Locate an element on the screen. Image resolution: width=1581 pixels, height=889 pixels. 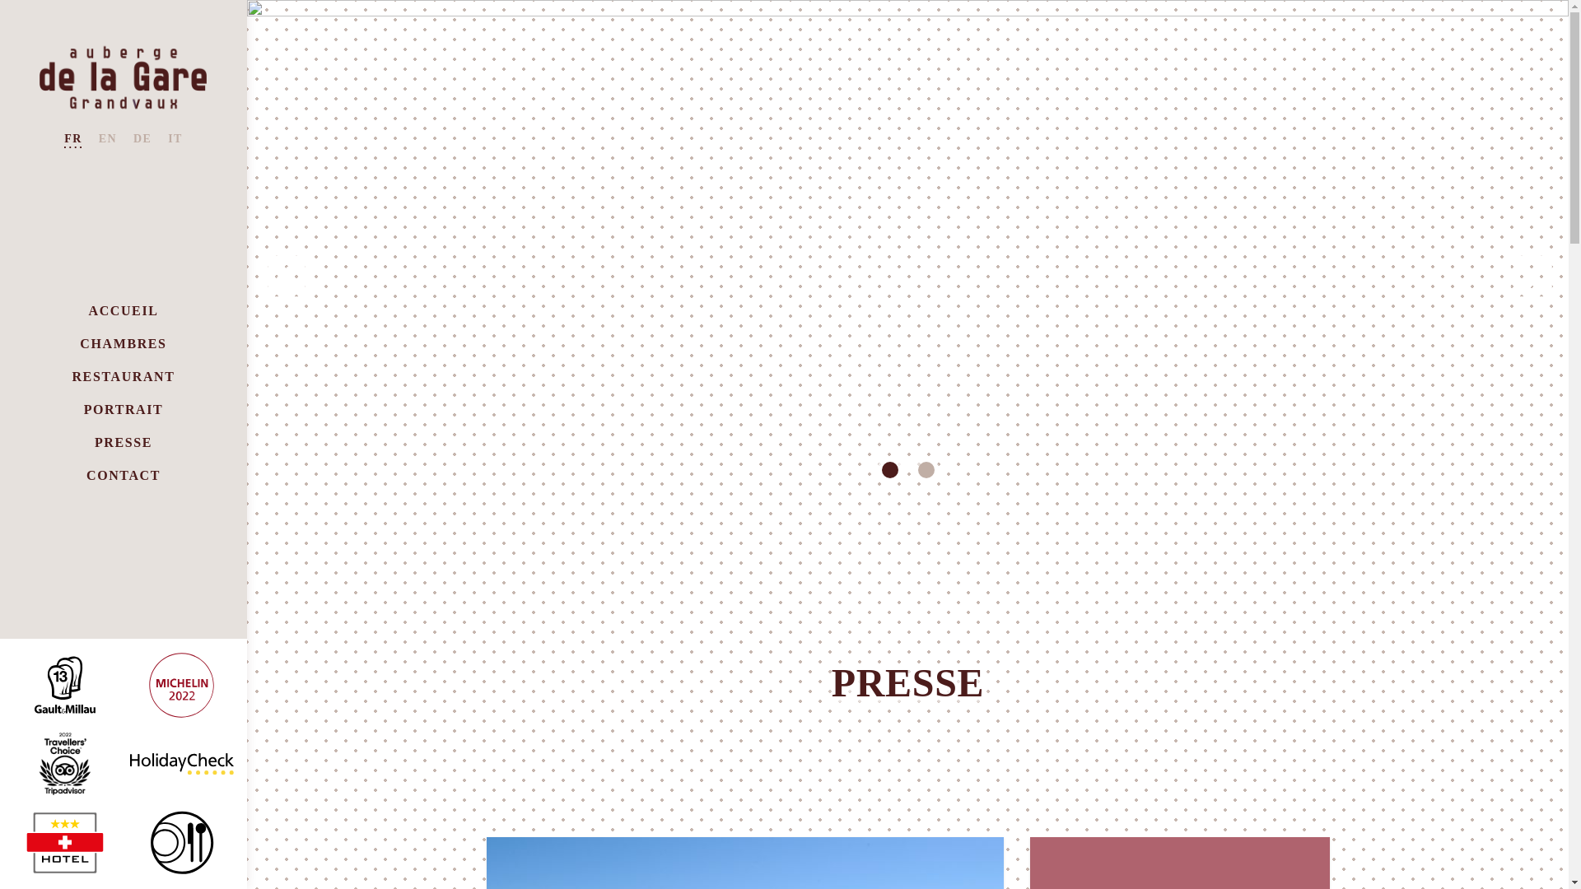
'FR' is located at coordinates (72, 138).